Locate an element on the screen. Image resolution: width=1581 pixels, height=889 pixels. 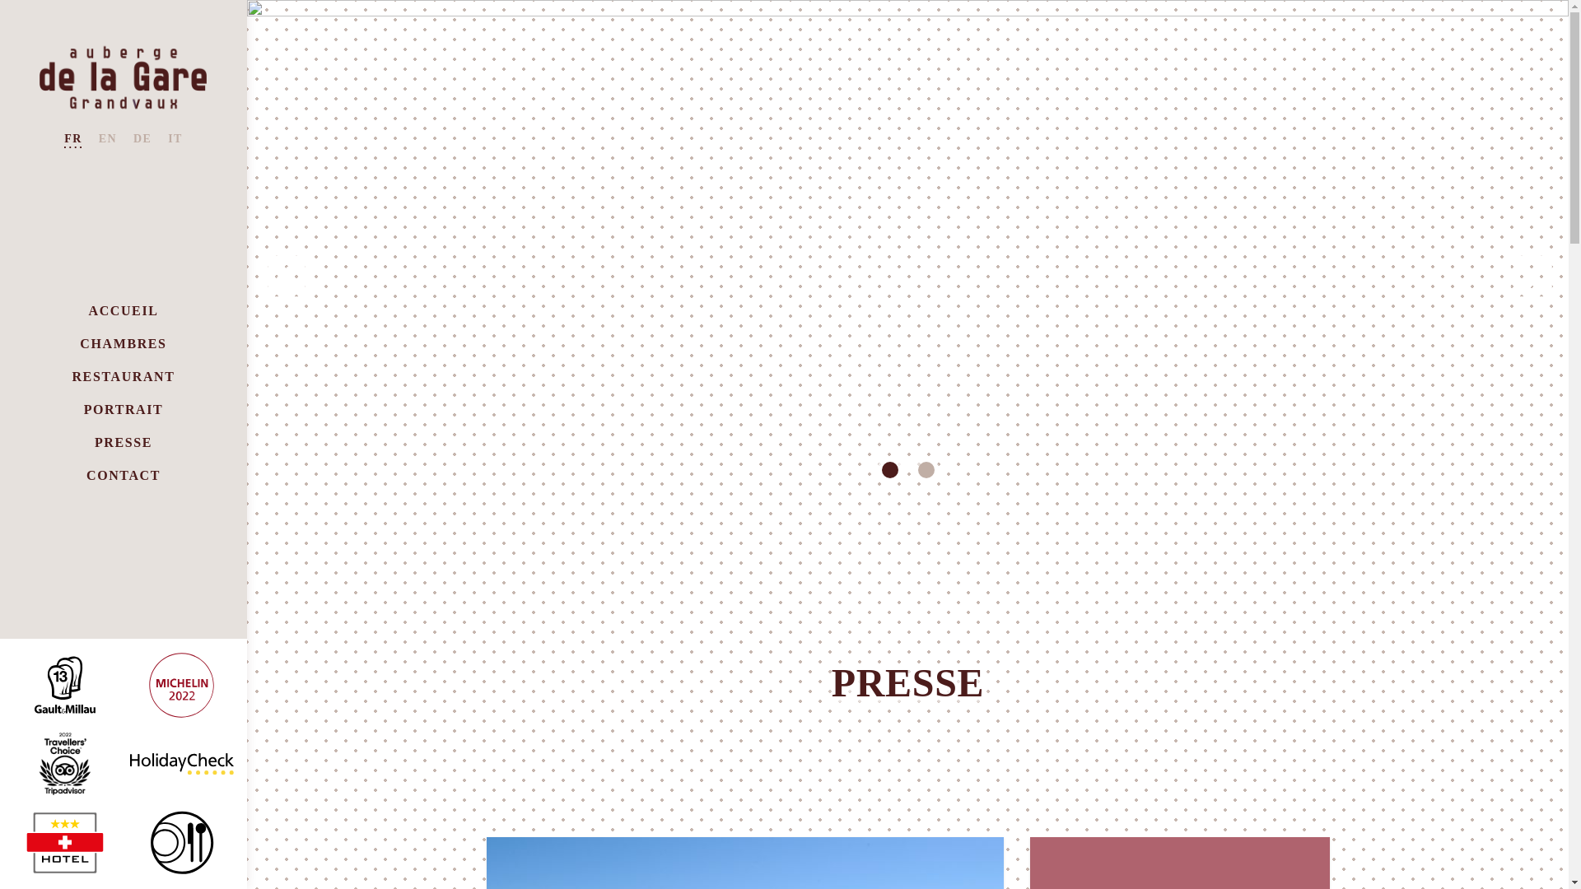
'FR' is located at coordinates (72, 138).